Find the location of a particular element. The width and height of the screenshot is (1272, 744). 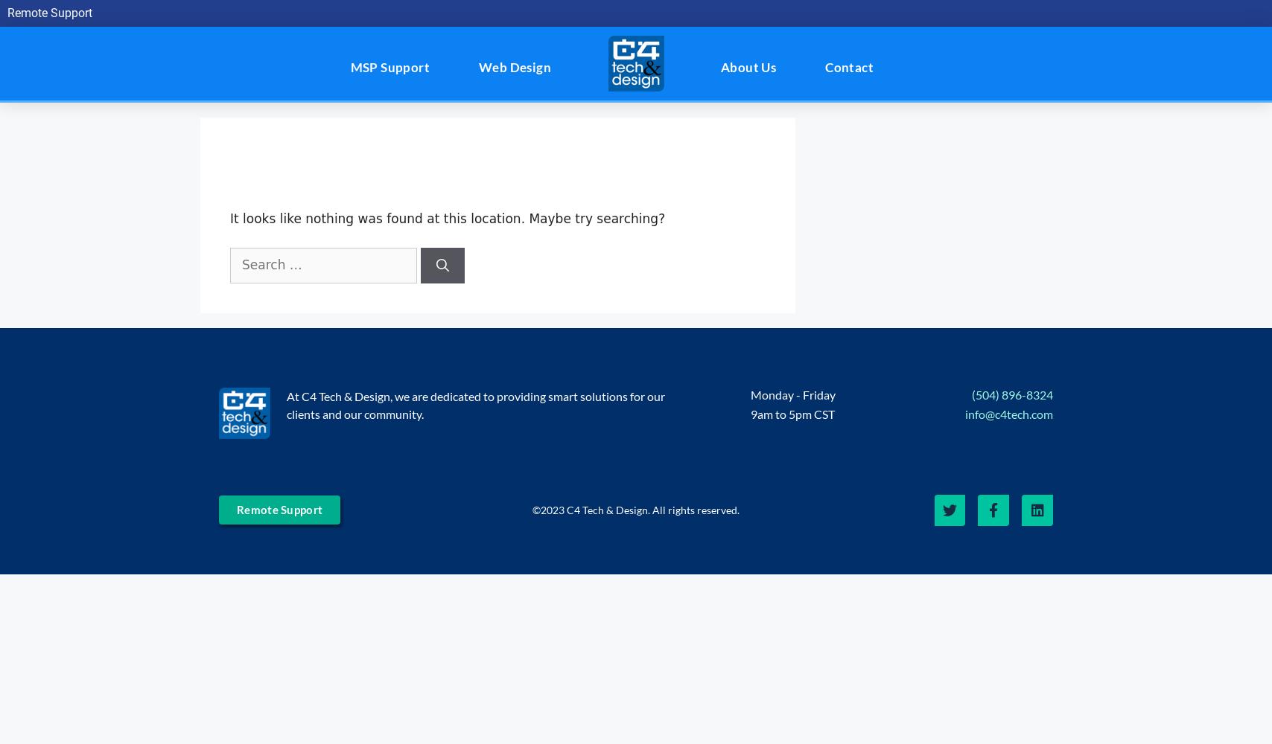

'Oops! That page can’t be found.' is located at coordinates (453, 164).